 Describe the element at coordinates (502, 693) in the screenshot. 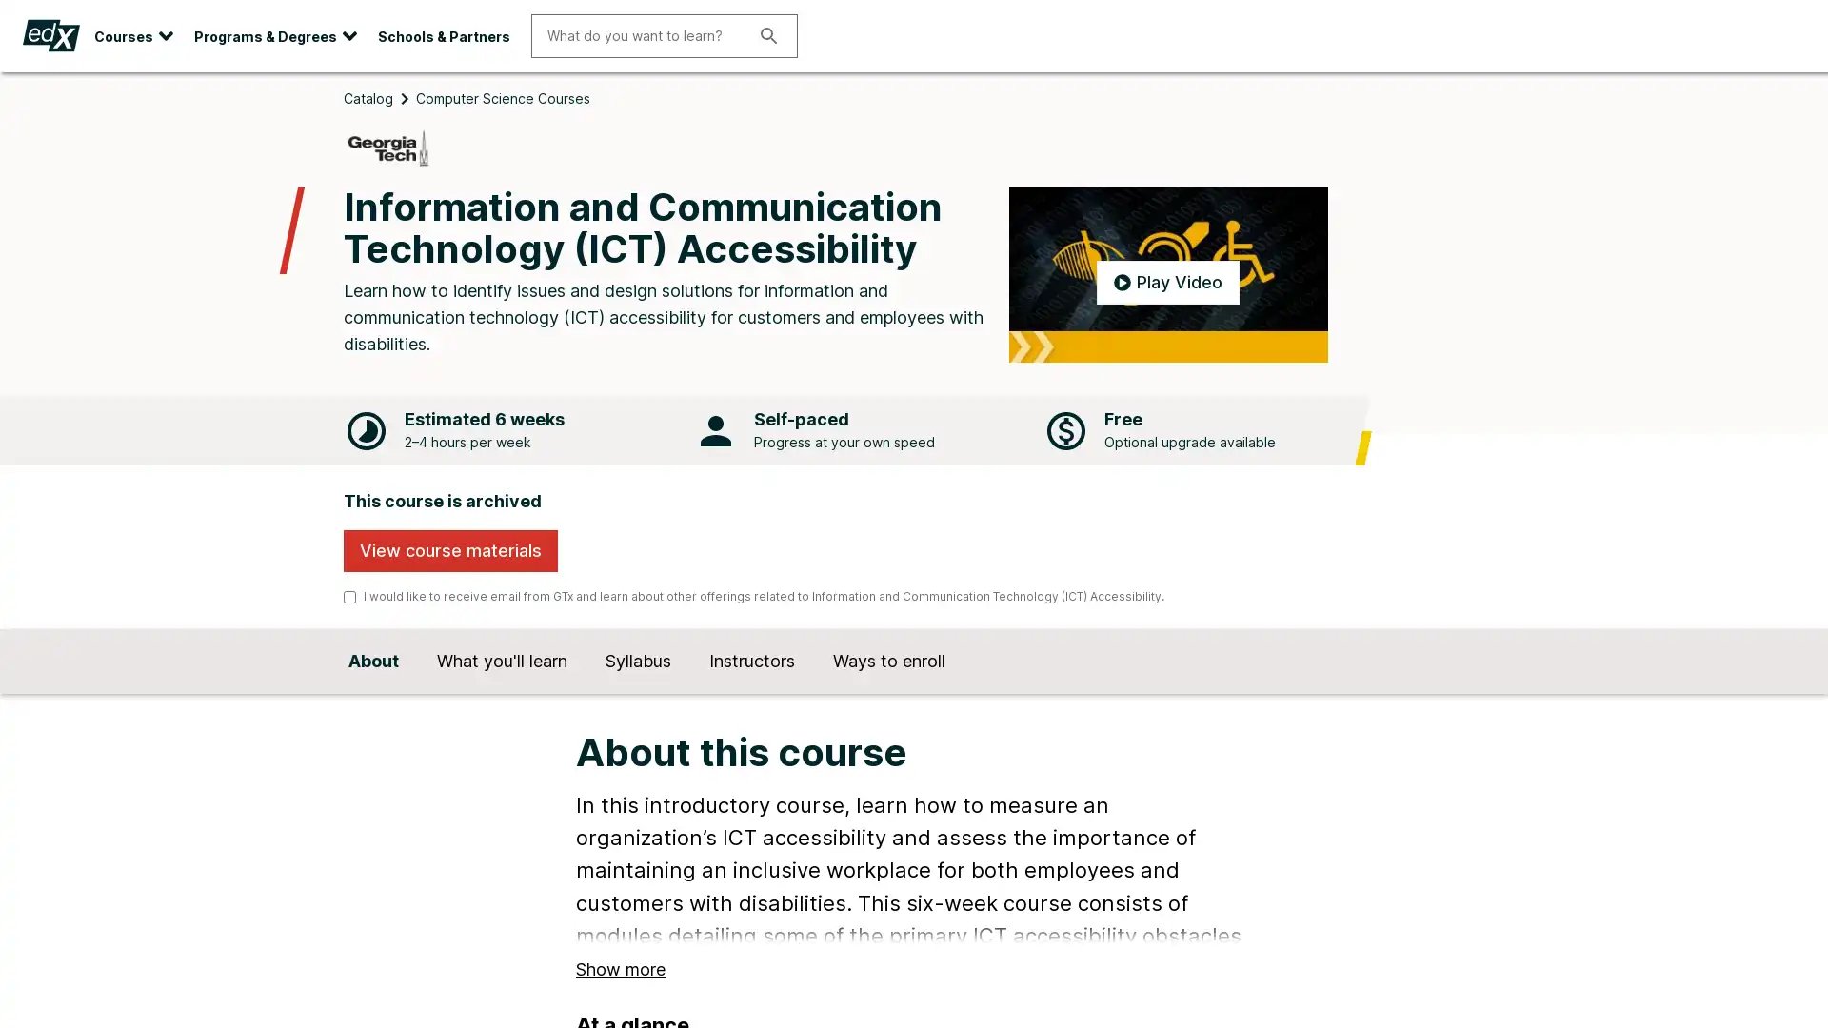

I see `What you'll learn` at that location.